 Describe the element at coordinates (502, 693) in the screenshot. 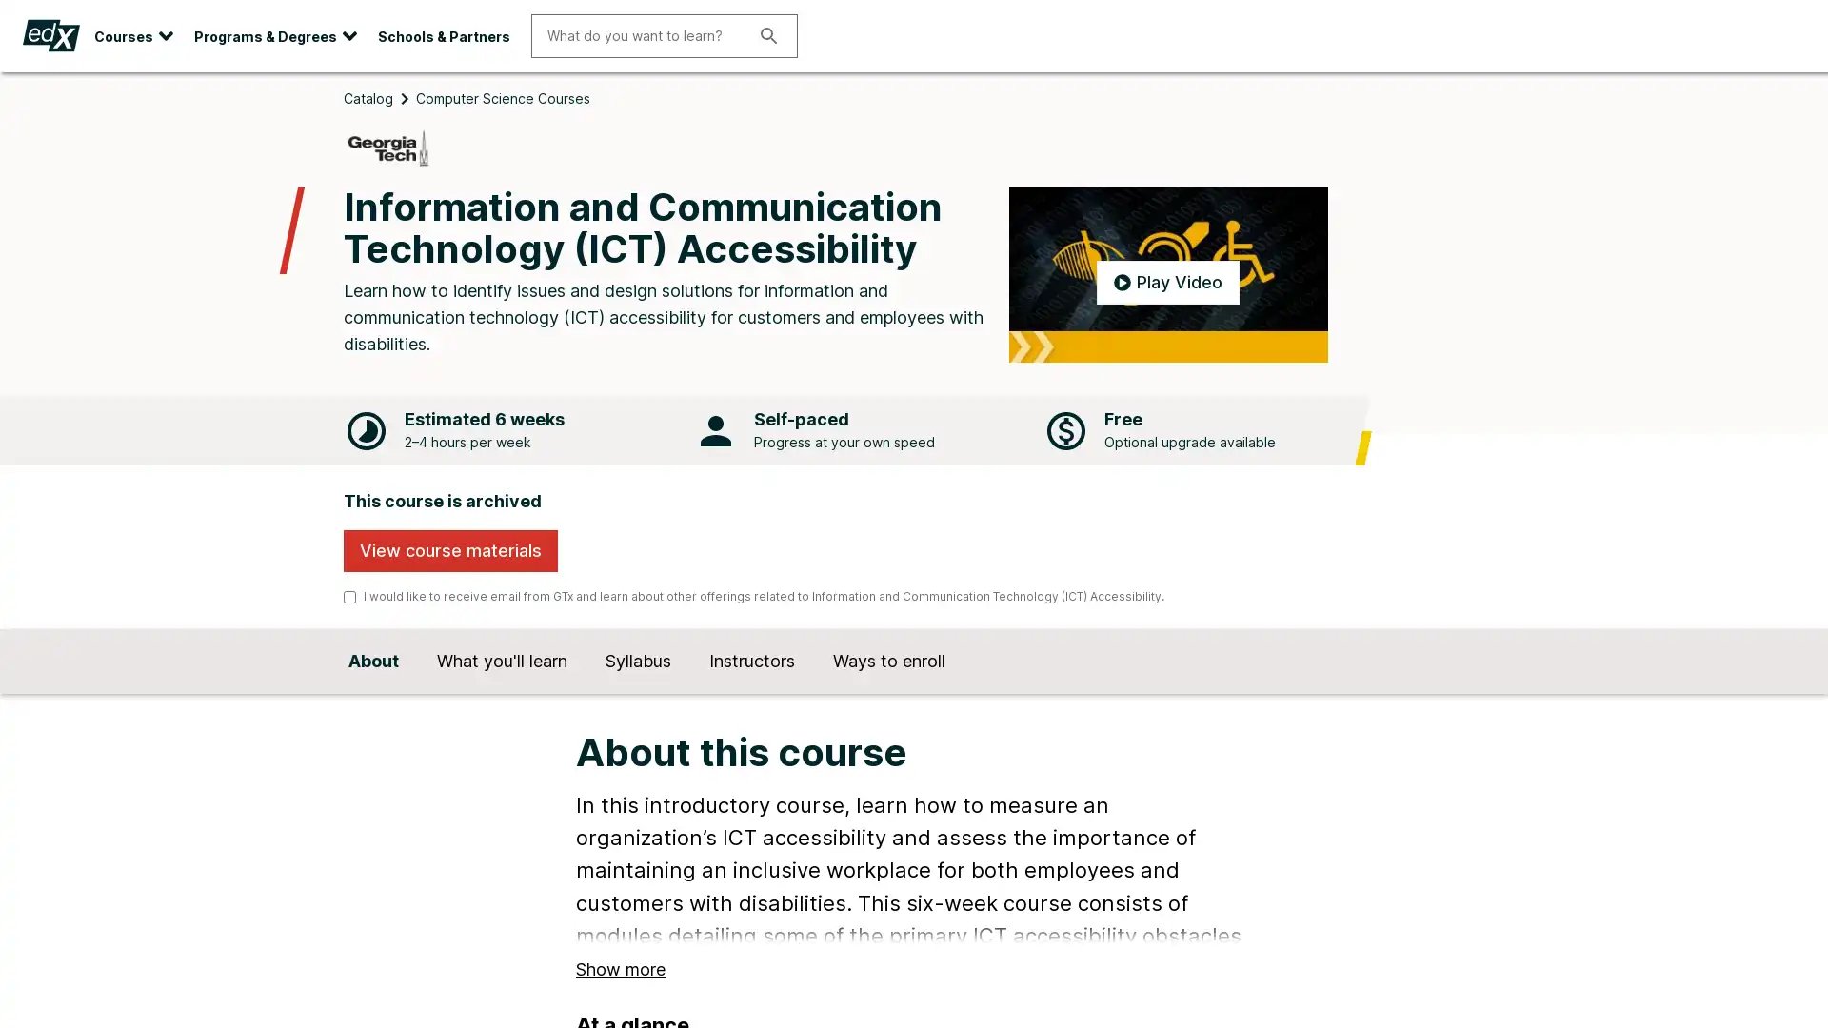

I see `What you'll learn` at that location.